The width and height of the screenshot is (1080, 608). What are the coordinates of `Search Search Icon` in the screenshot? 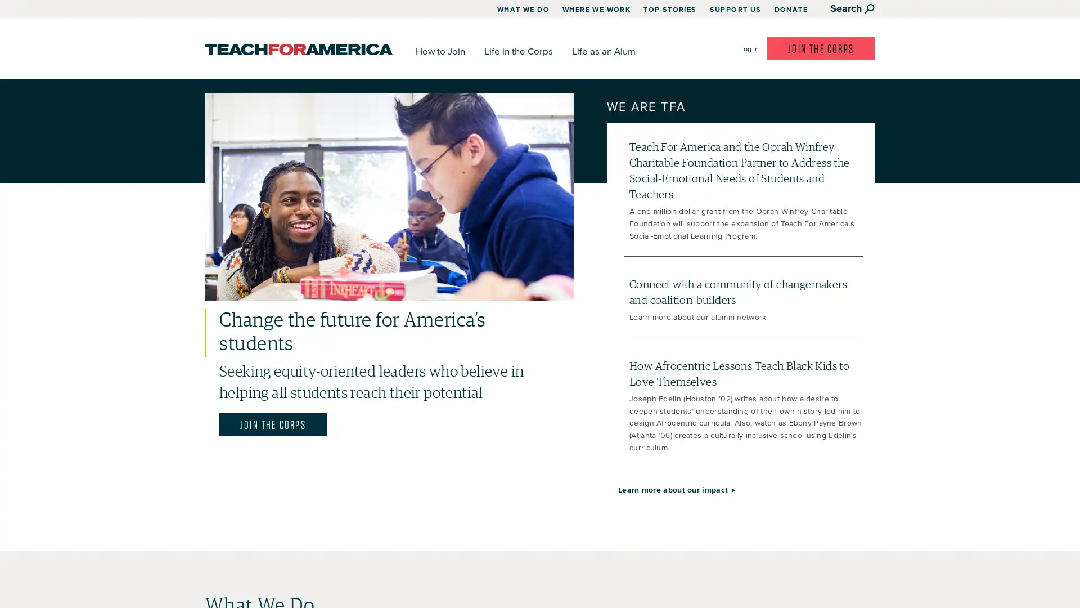 It's located at (852, 8).